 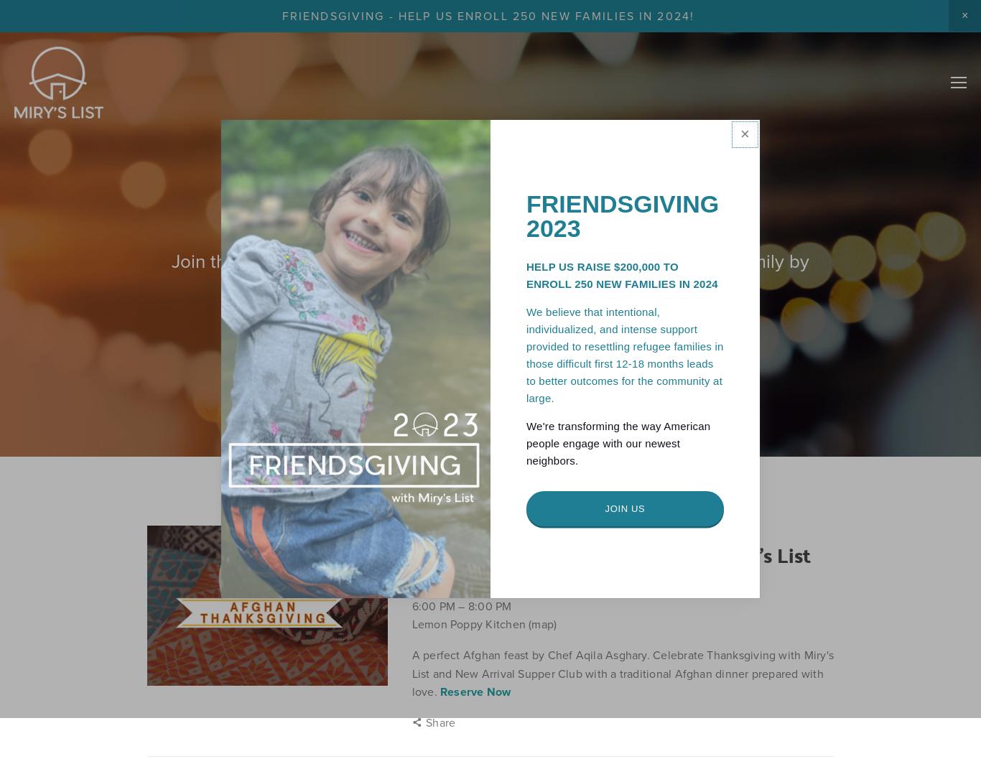 What do you see at coordinates (610, 554) in the screenshot?
I see `'2023 Afghan Friendsgiving with Miry's List'` at bounding box center [610, 554].